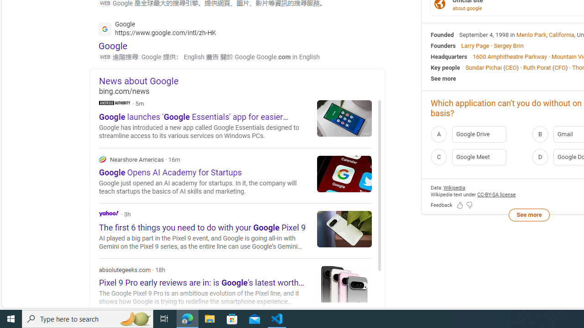  I want to click on 'Founded', so click(442, 34).